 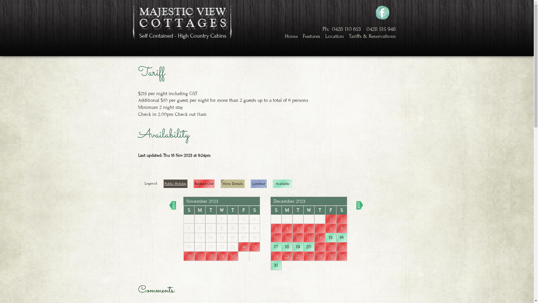 I want to click on 'Features', so click(x=311, y=36).